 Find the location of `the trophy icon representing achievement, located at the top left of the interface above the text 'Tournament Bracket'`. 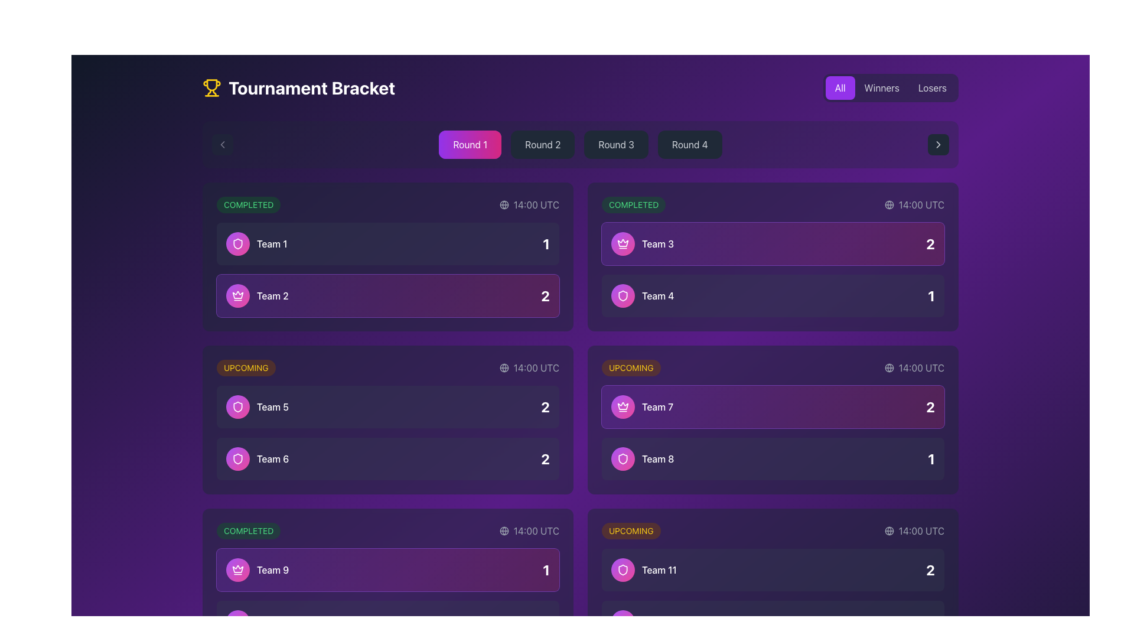

the trophy icon representing achievement, located at the top left of the interface above the text 'Tournament Bracket' is located at coordinates (212, 84).